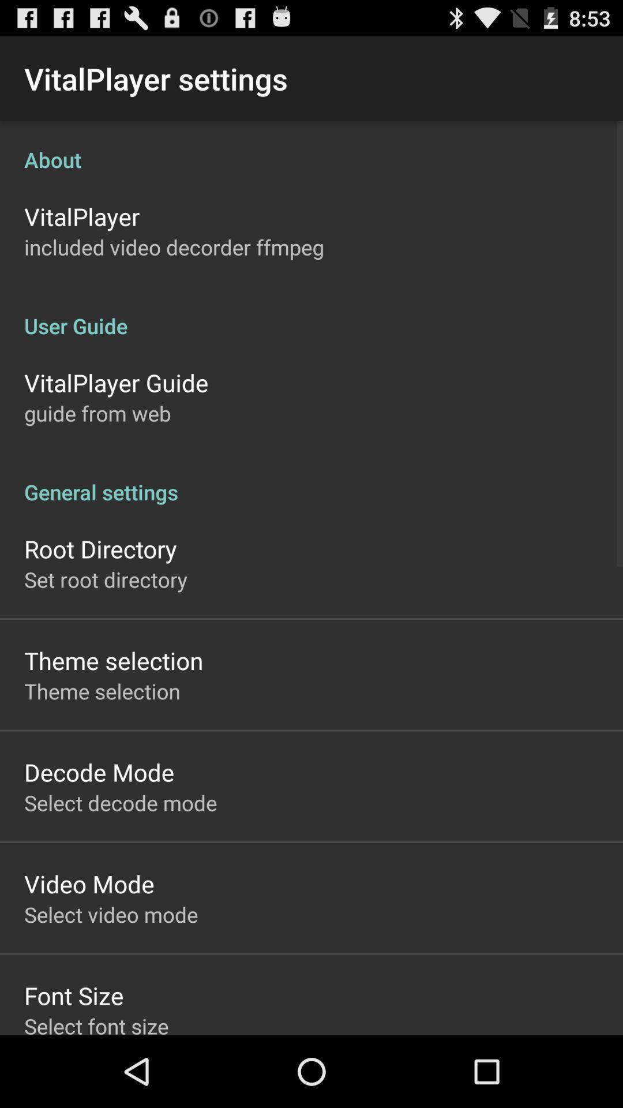 This screenshot has height=1108, width=623. I want to click on the item above the guide from web app, so click(116, 382).